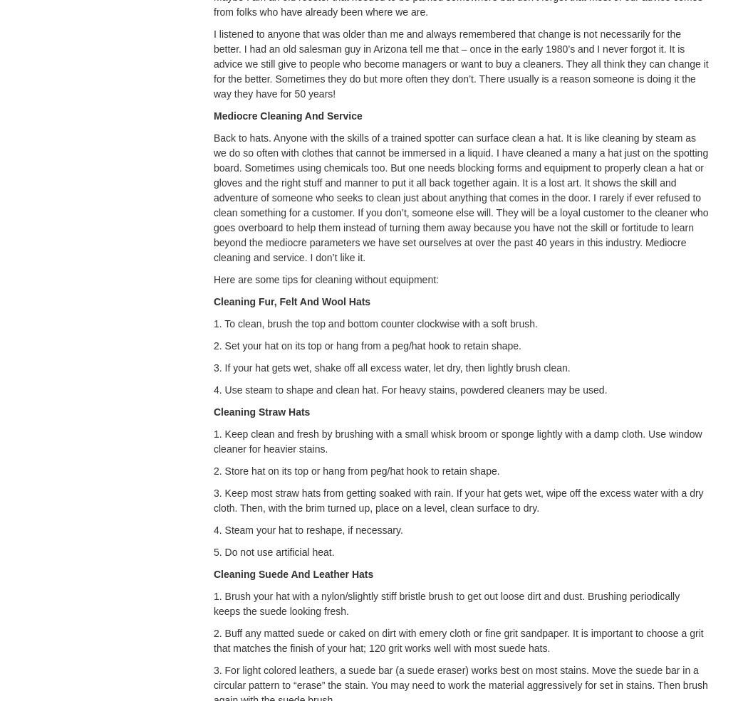  I want to click on '2. Set your hat on its top or hang from a peg/hat hook to retain shape.', so click(366, 344).